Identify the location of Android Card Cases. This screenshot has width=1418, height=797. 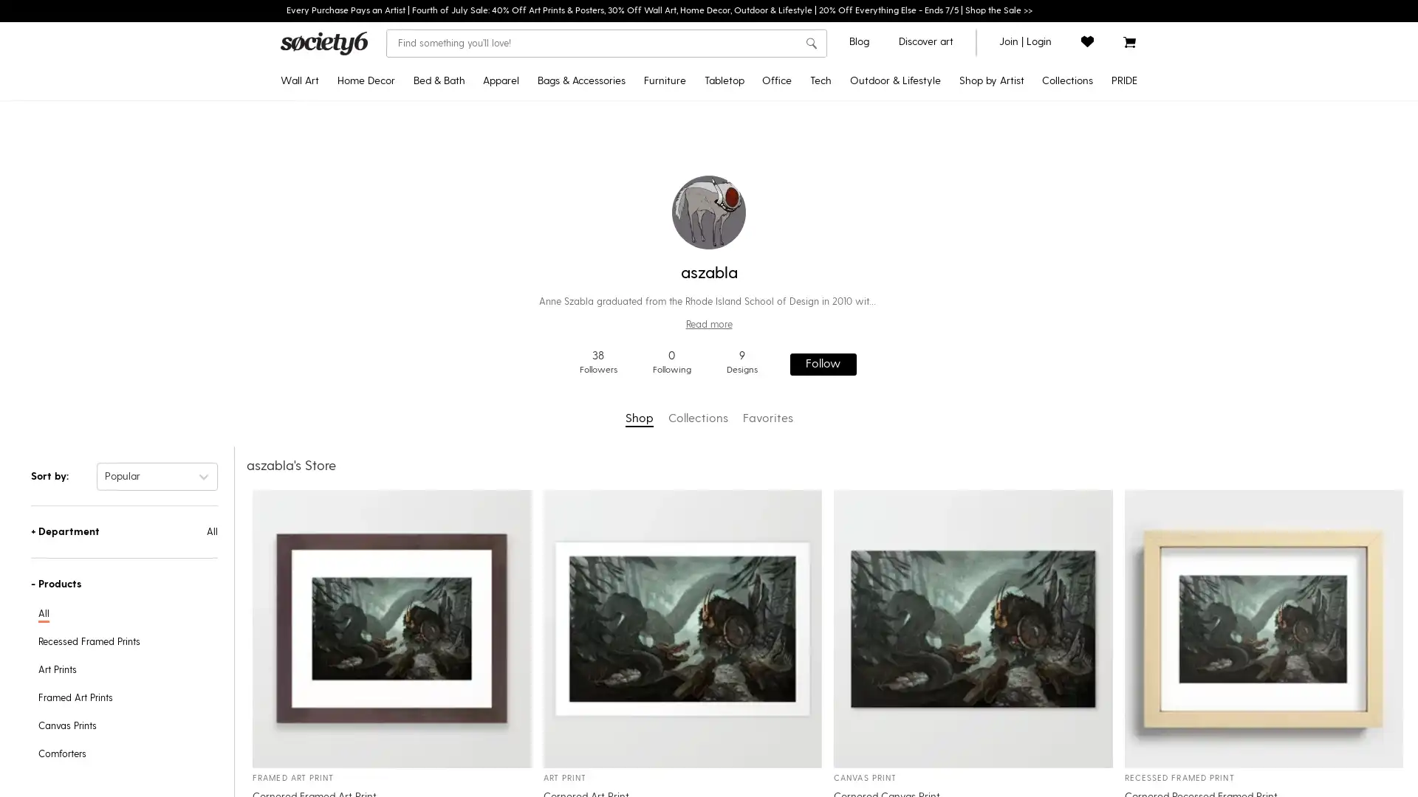
(873, 236).